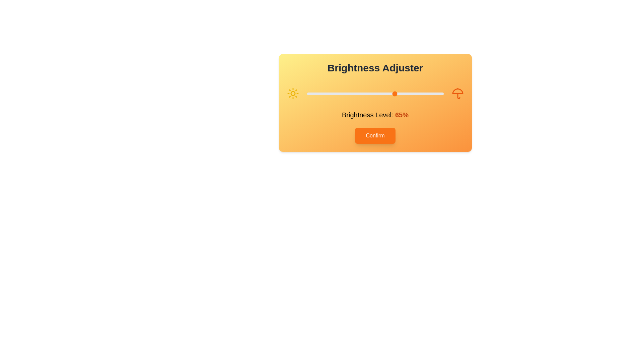  Describe the element at coordinates (293, 93) in the screenshot. I see `the Sun icon near the slider` at that location.